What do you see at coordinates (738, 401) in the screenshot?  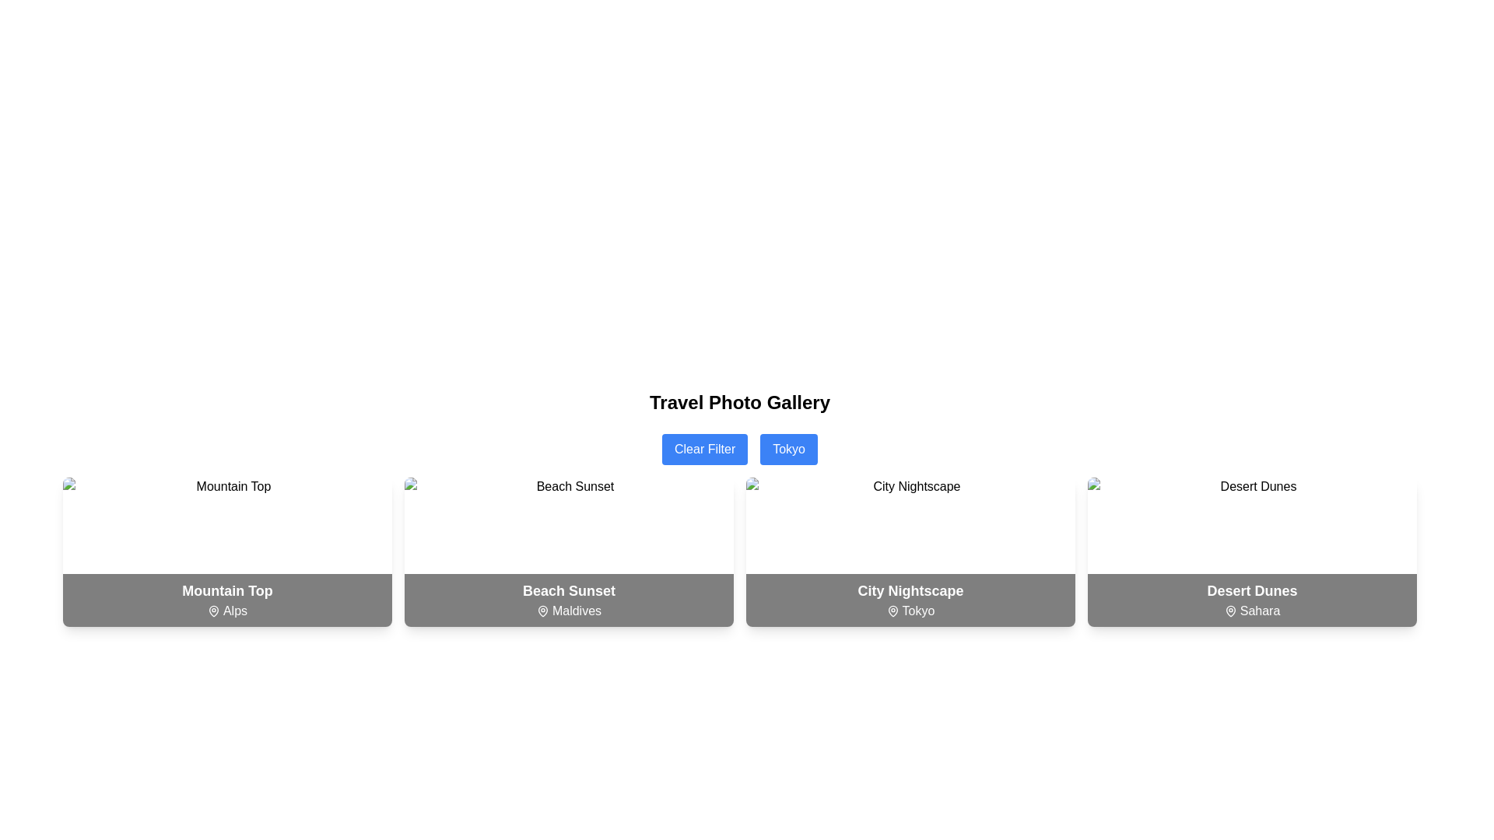 I see `the centrally aligned, bold-text title that reads 'Travel Photo Gallery', which is styled as a header above the main content of the page` at bounding box center [738, 401].